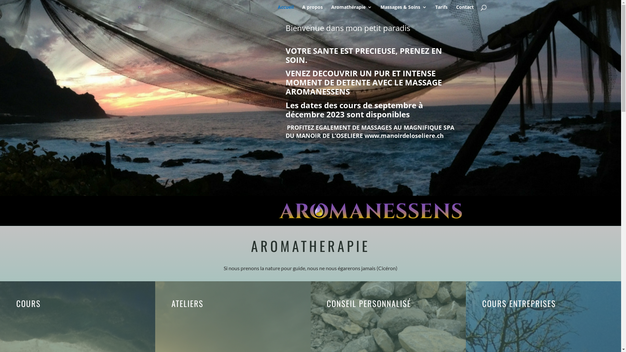  What do you see at coordinates (171, 303) in the screenshot?
I see `'ATELIERS'` at bounding box center [171, 303].